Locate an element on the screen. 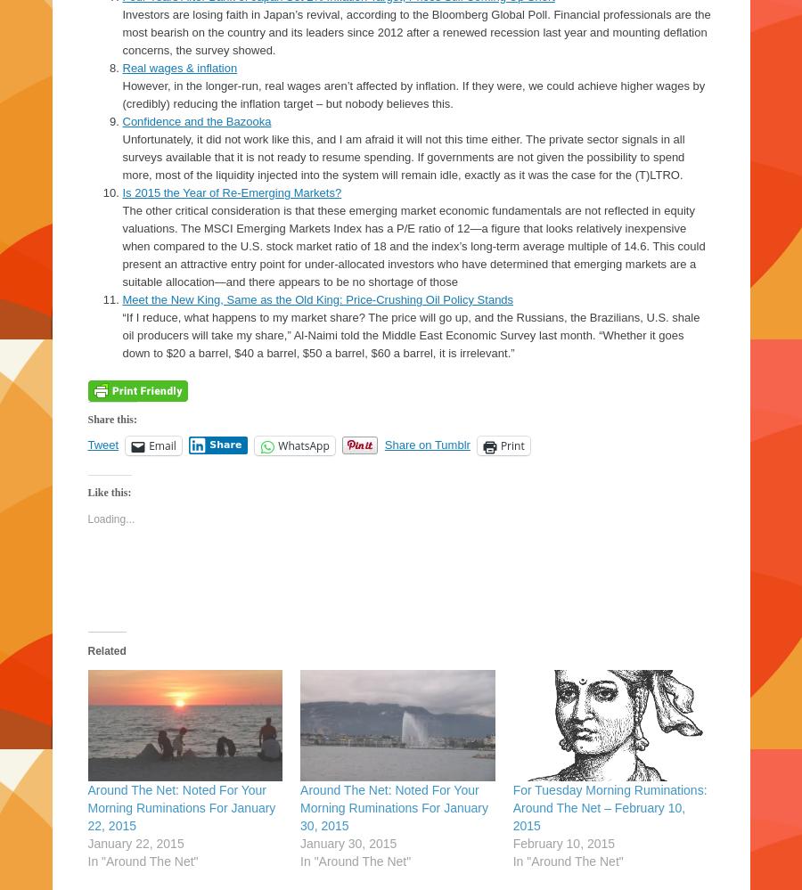 The image size is (802, 890). 'Confidence and the Bazooka' is located at coordinates (196, 121).